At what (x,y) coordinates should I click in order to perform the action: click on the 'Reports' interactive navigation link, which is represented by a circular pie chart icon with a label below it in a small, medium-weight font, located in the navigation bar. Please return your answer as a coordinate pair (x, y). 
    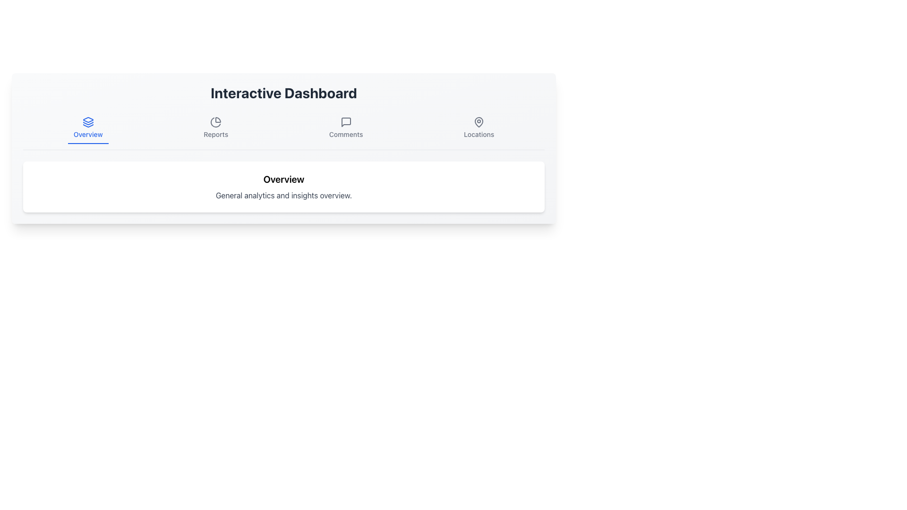
    Looking at the image, I should click on (215, 128).